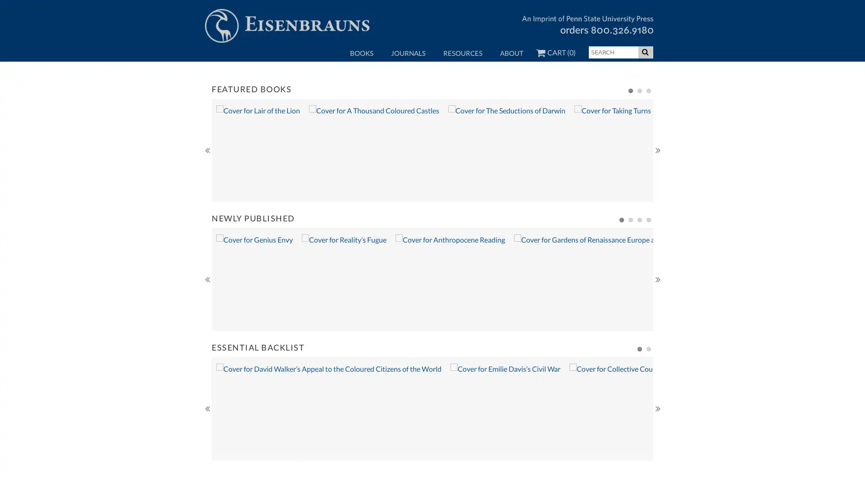 This screenshot has height=486, width=865. Describe the element at coordinates (649, 220) in the screenshot. I see `4` at that location.